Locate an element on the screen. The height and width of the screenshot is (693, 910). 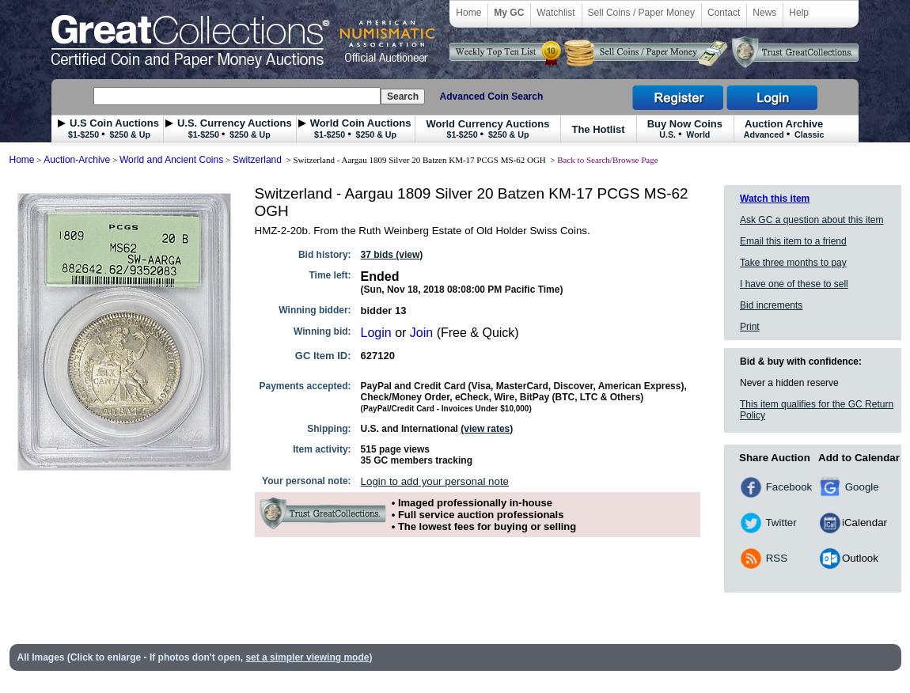
'Twitter' is located at coordinates (763, 521).